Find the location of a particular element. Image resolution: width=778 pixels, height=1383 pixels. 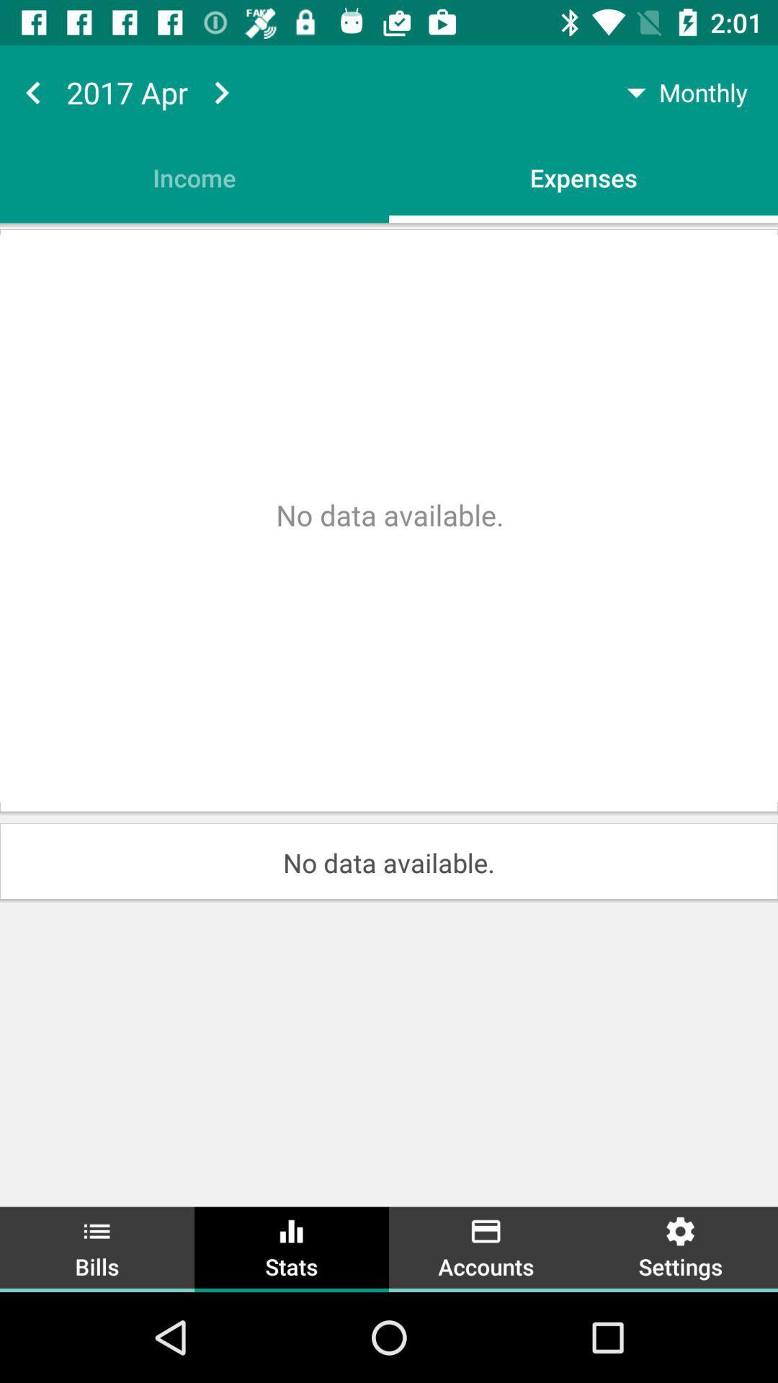

the arrow_forward icon is located at coordinates (221, 91).